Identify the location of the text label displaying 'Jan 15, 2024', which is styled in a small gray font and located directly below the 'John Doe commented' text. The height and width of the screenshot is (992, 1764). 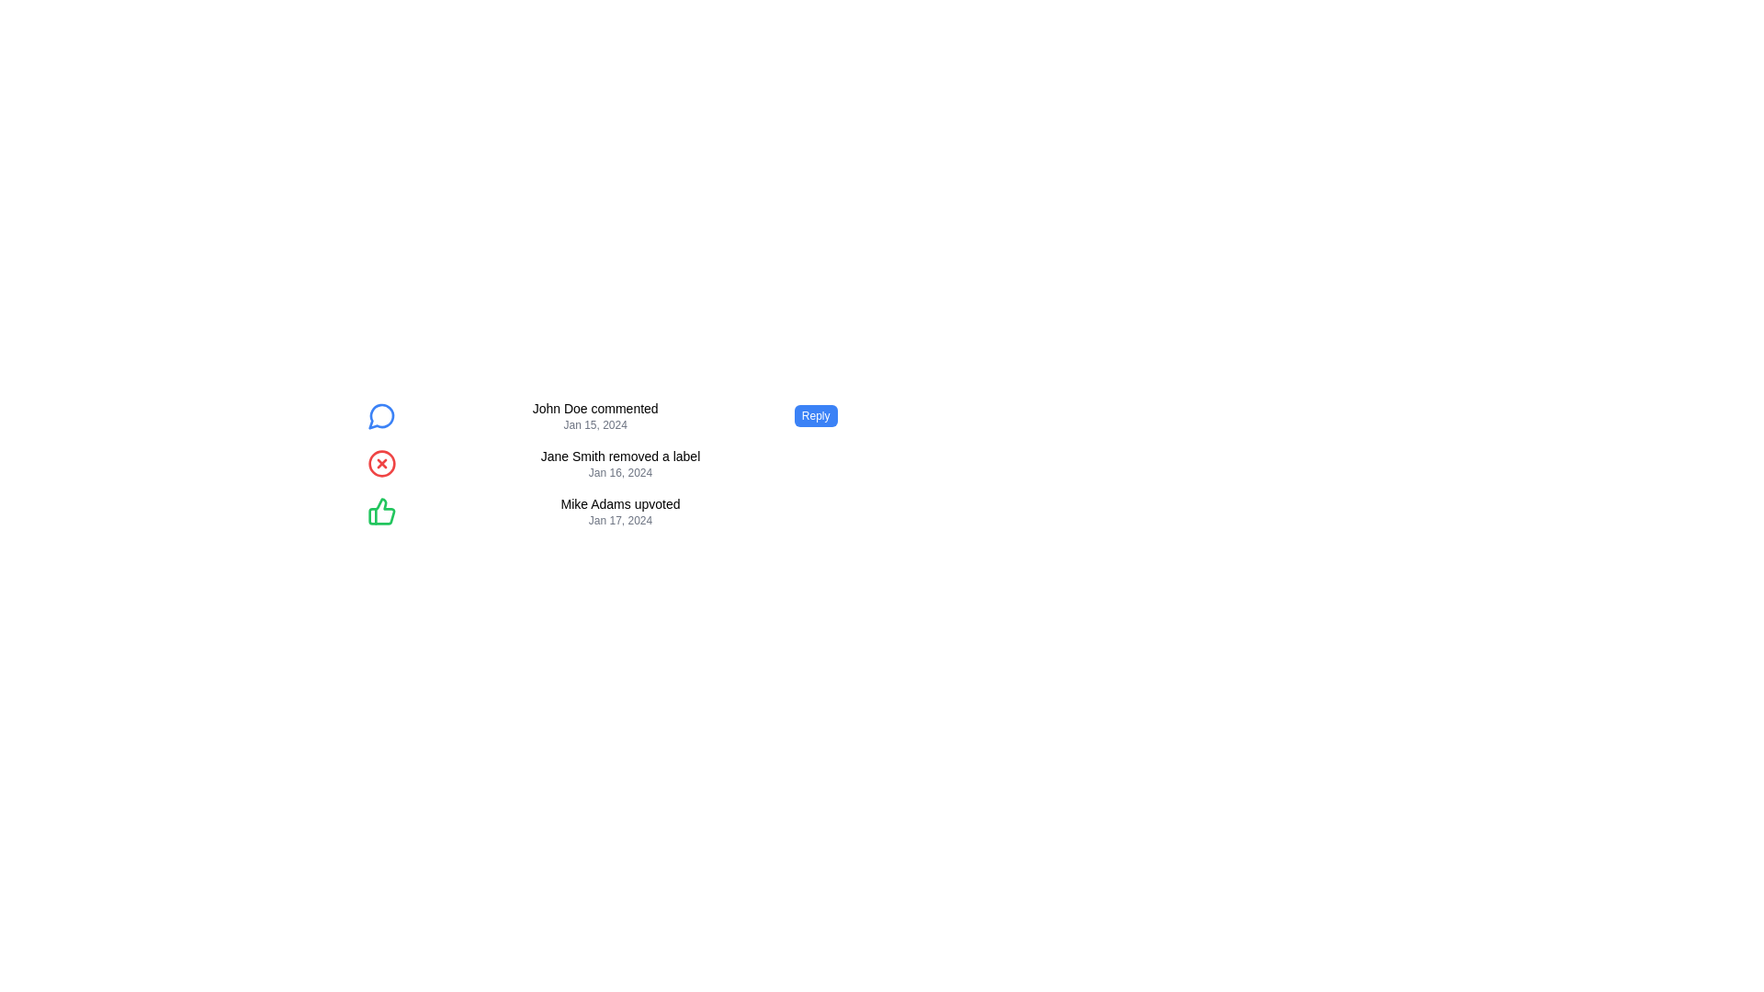
(595, 424).